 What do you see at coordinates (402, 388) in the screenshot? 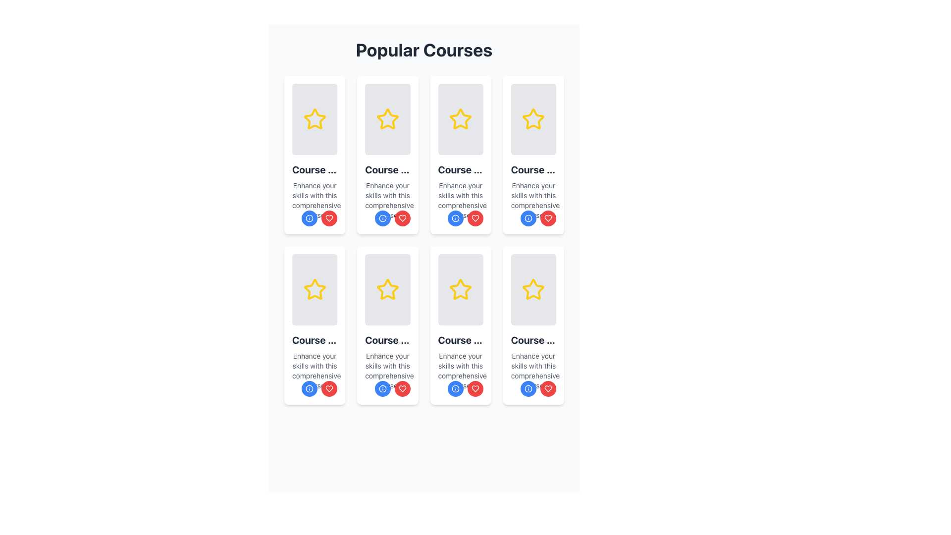
I see `the heart button located in the sixth card of the 'Popular Courses' section to mark the associated course as a favorite` at bounding box center [402, 388].